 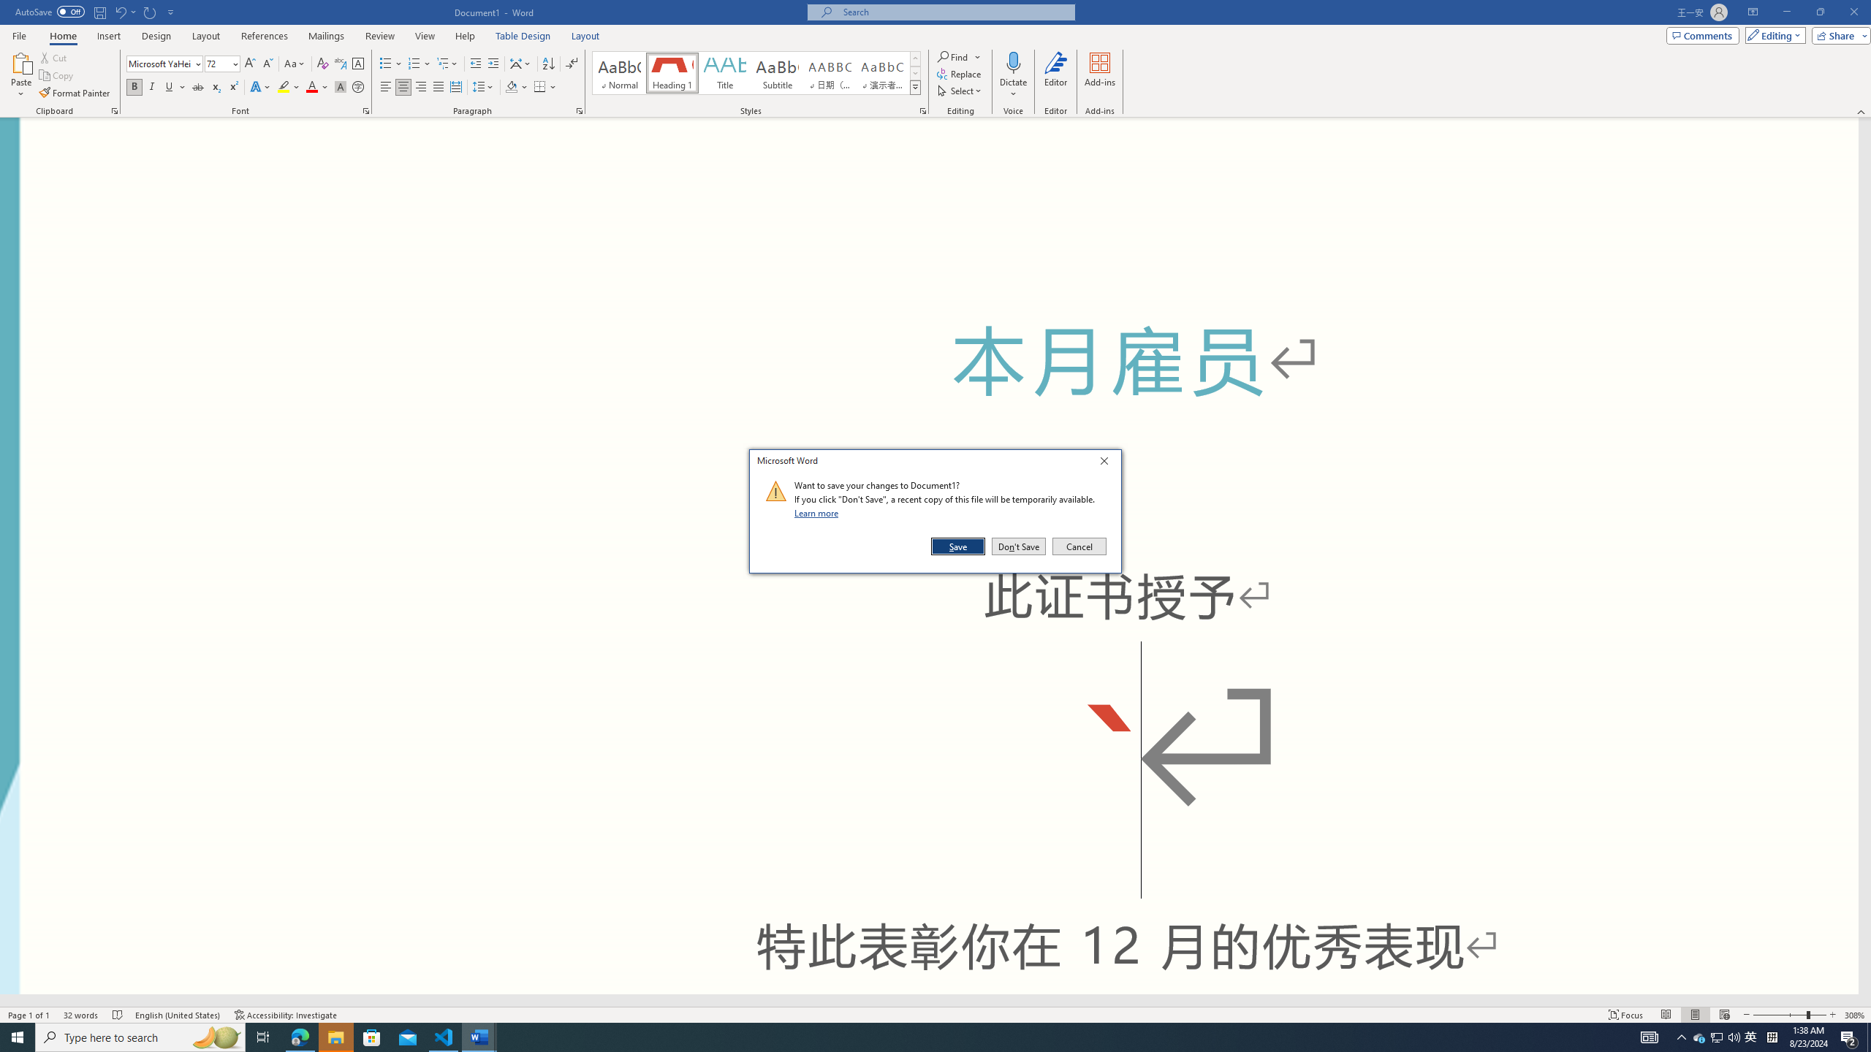 What do you see at coordinates (960, 89) in the screenshot?
I see `'Select'` at bounding box center [960, 89].